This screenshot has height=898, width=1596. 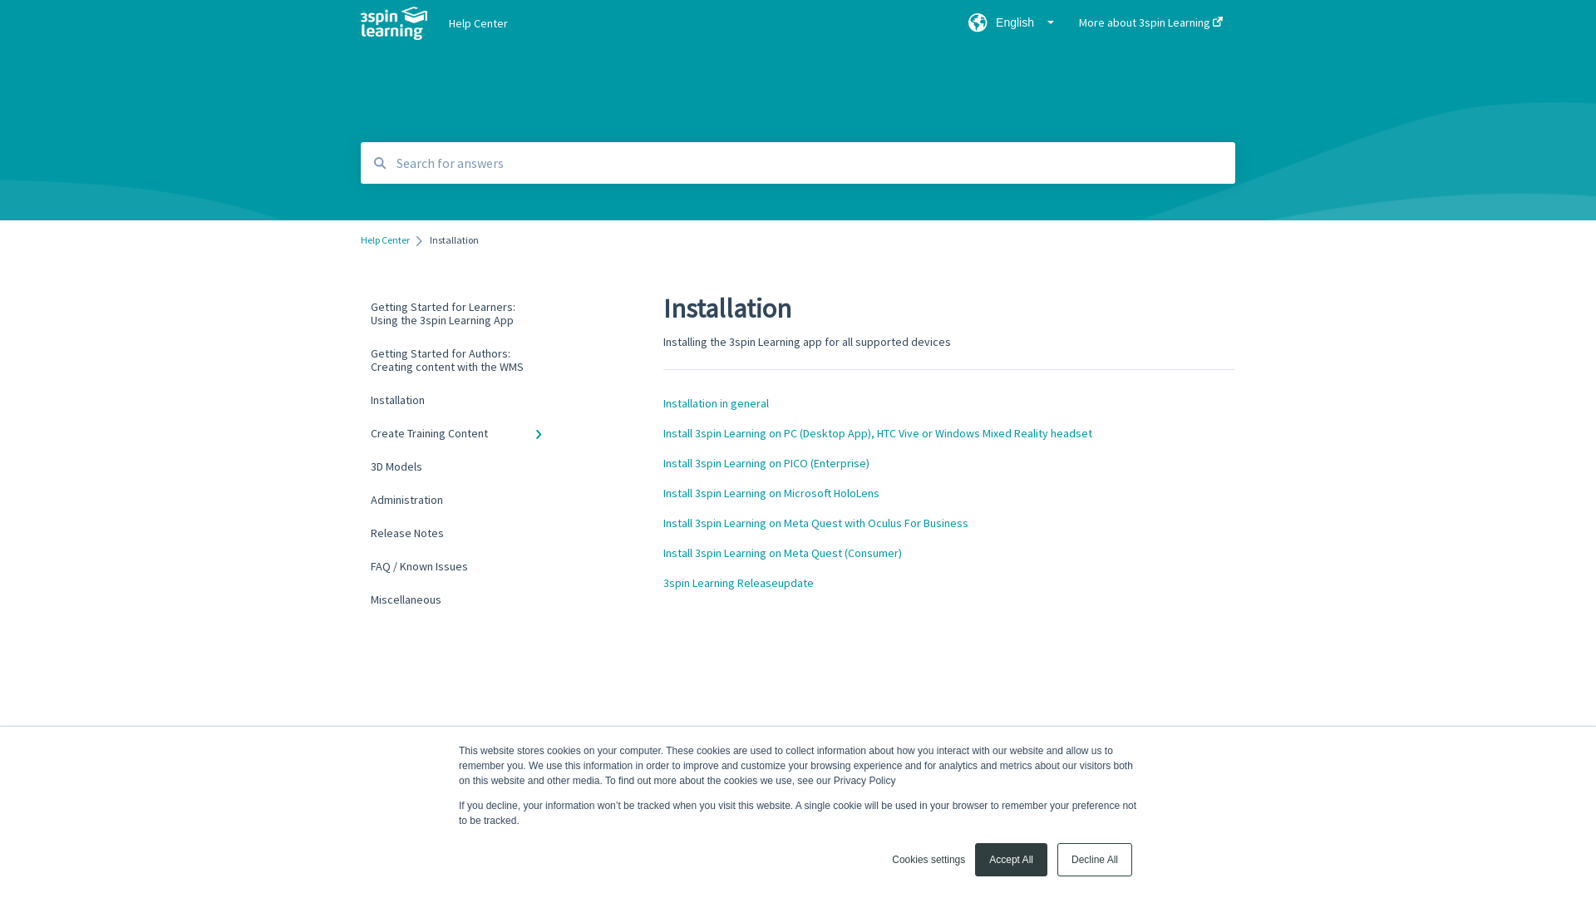 What do you see at coordinates (460, 565) in the screenshot?
I see `'FAQ / Known Issues'` at bounding box center [460, 565].